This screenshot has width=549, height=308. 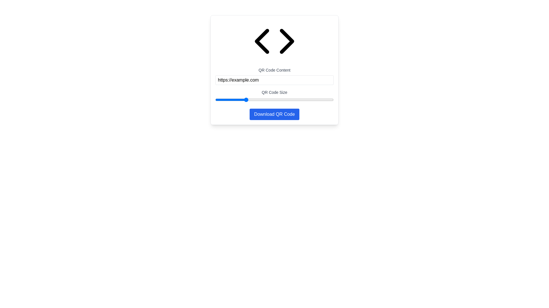 What do you see at coordinates (284, 100) in the screenshot?
I see `the QR code size` at bounding box center [284, 100].